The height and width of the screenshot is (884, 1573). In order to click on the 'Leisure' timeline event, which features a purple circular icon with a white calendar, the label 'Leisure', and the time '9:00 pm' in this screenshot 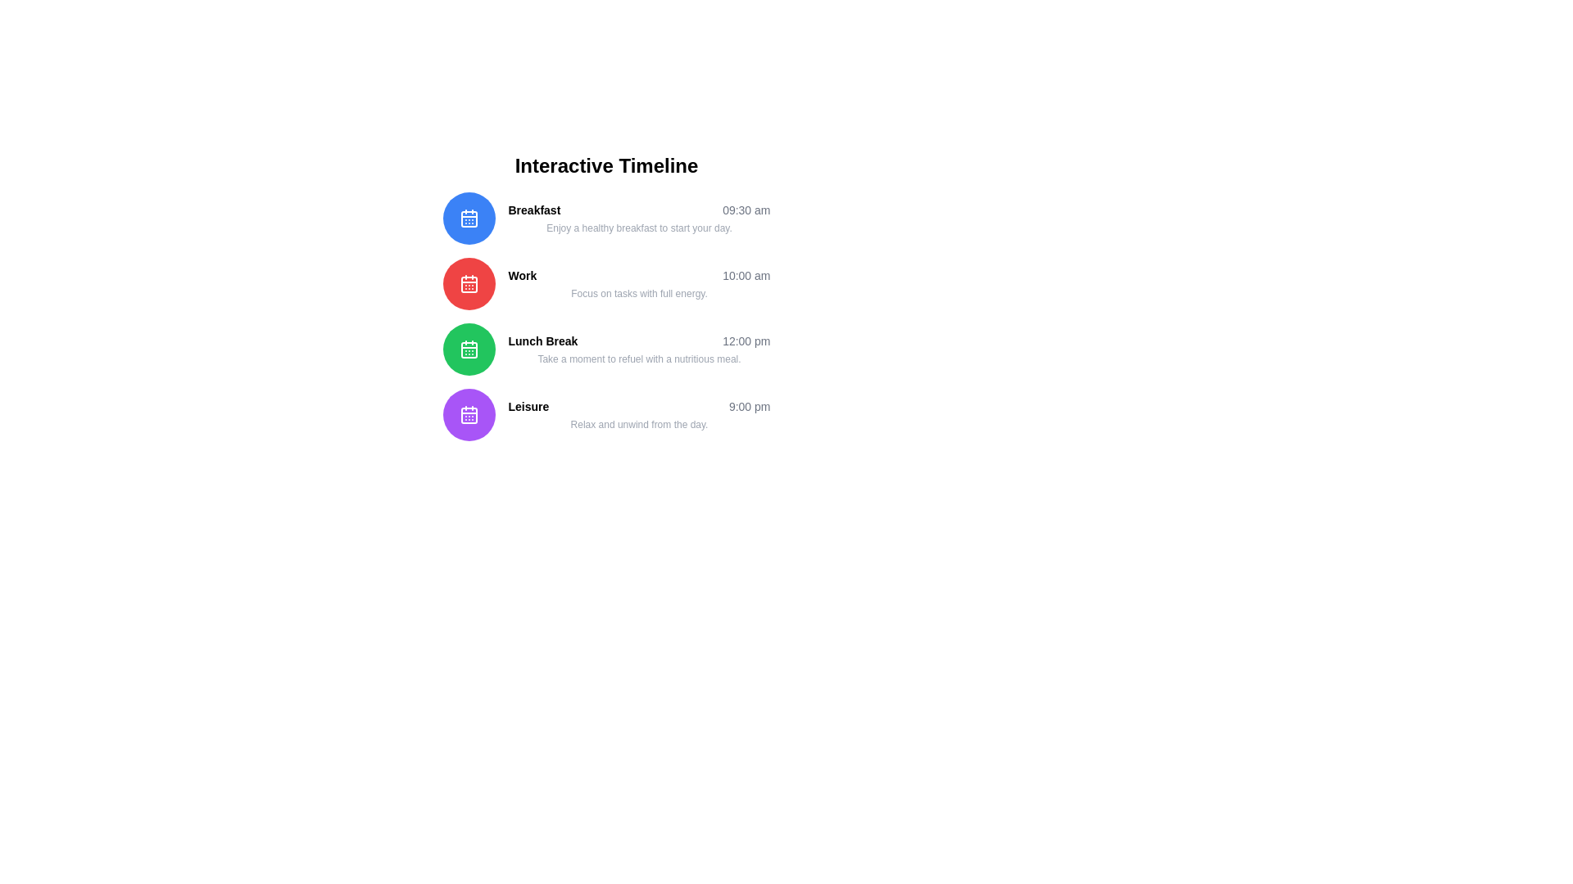, I will do `click(605, 413)`.